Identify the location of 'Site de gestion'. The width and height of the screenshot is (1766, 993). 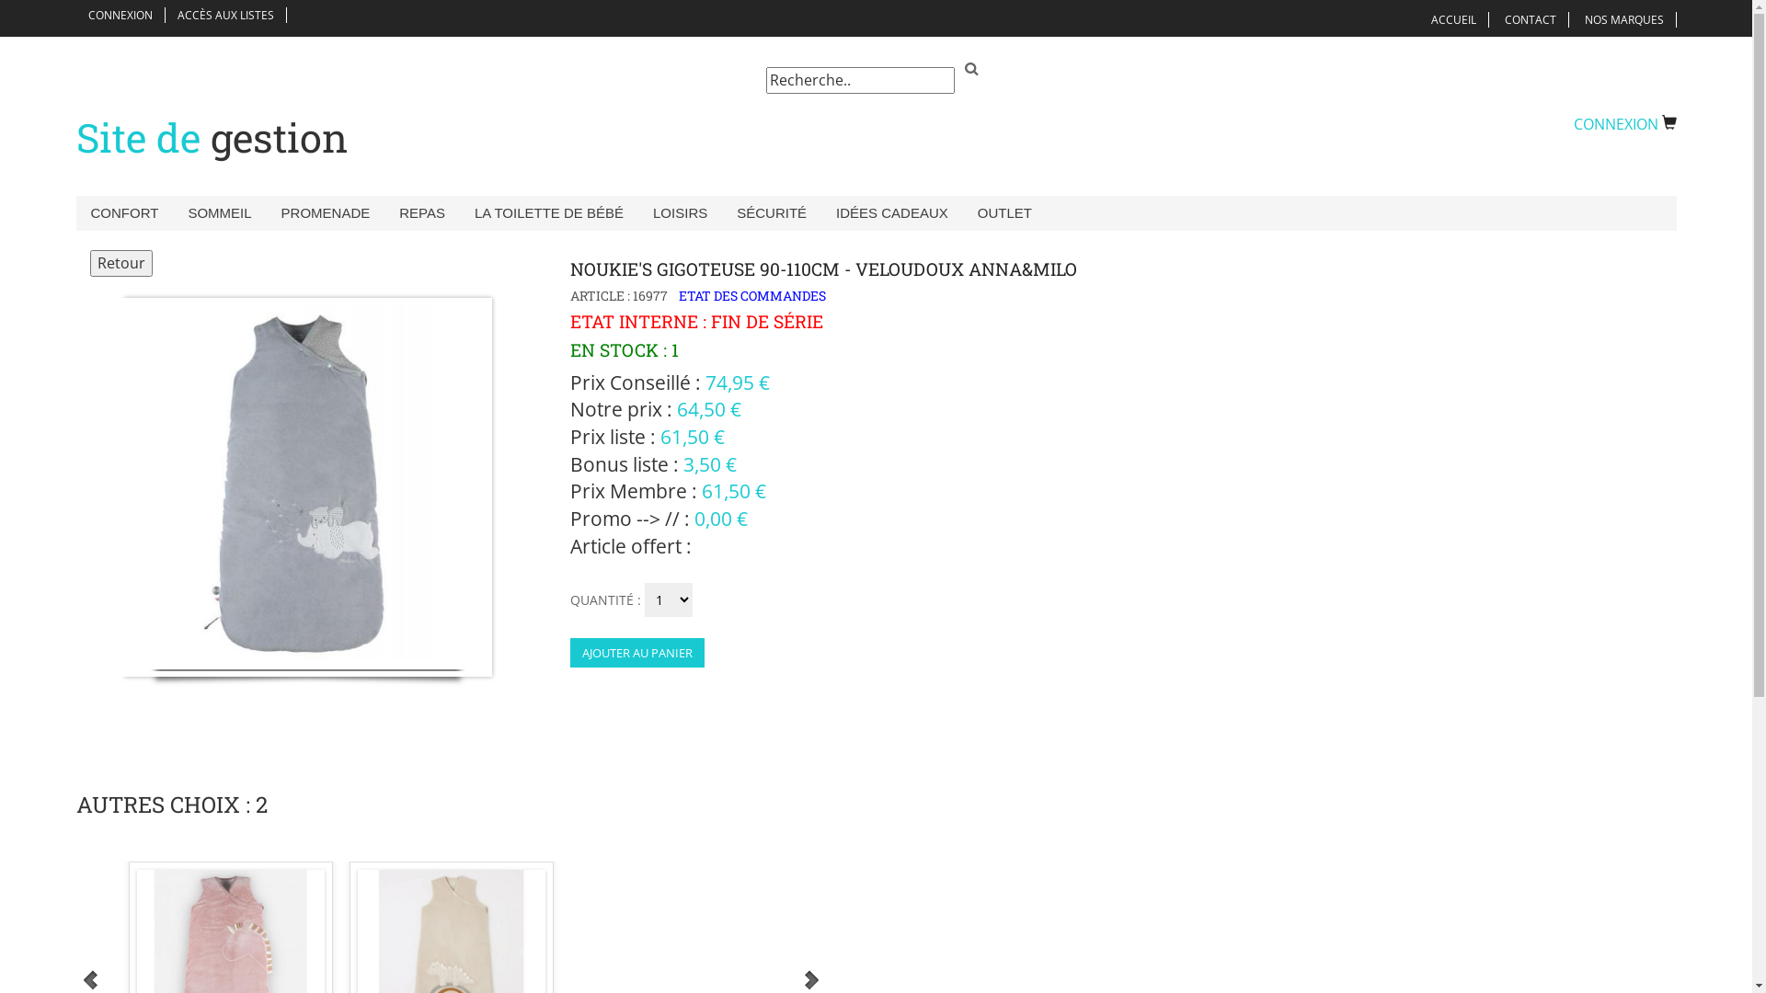
(211, 137).